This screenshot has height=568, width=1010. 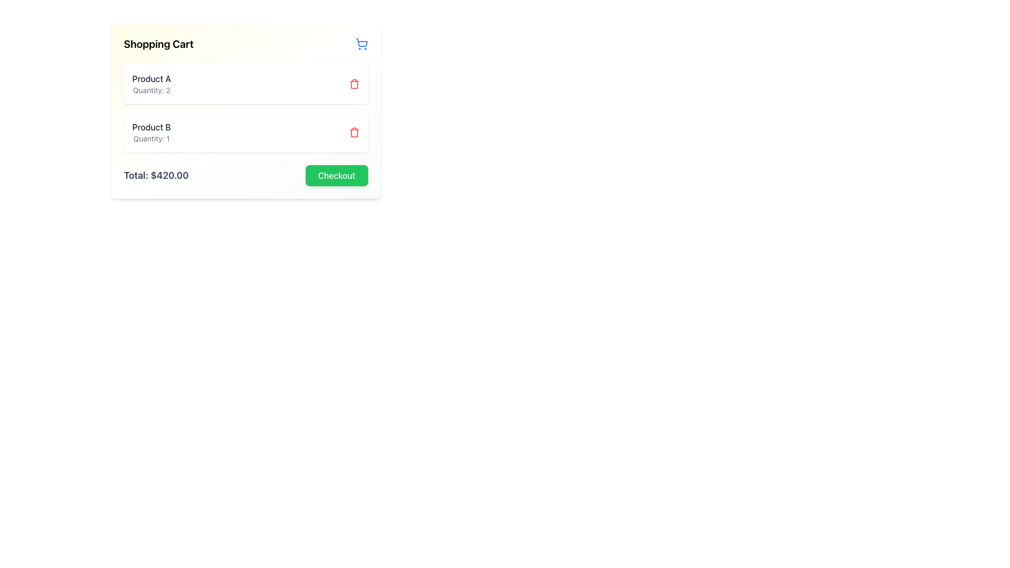 I want to click on the text display component that shows information about 'Product A' in the shopping cart, including its quantity '2', so click(x=151, y=83).